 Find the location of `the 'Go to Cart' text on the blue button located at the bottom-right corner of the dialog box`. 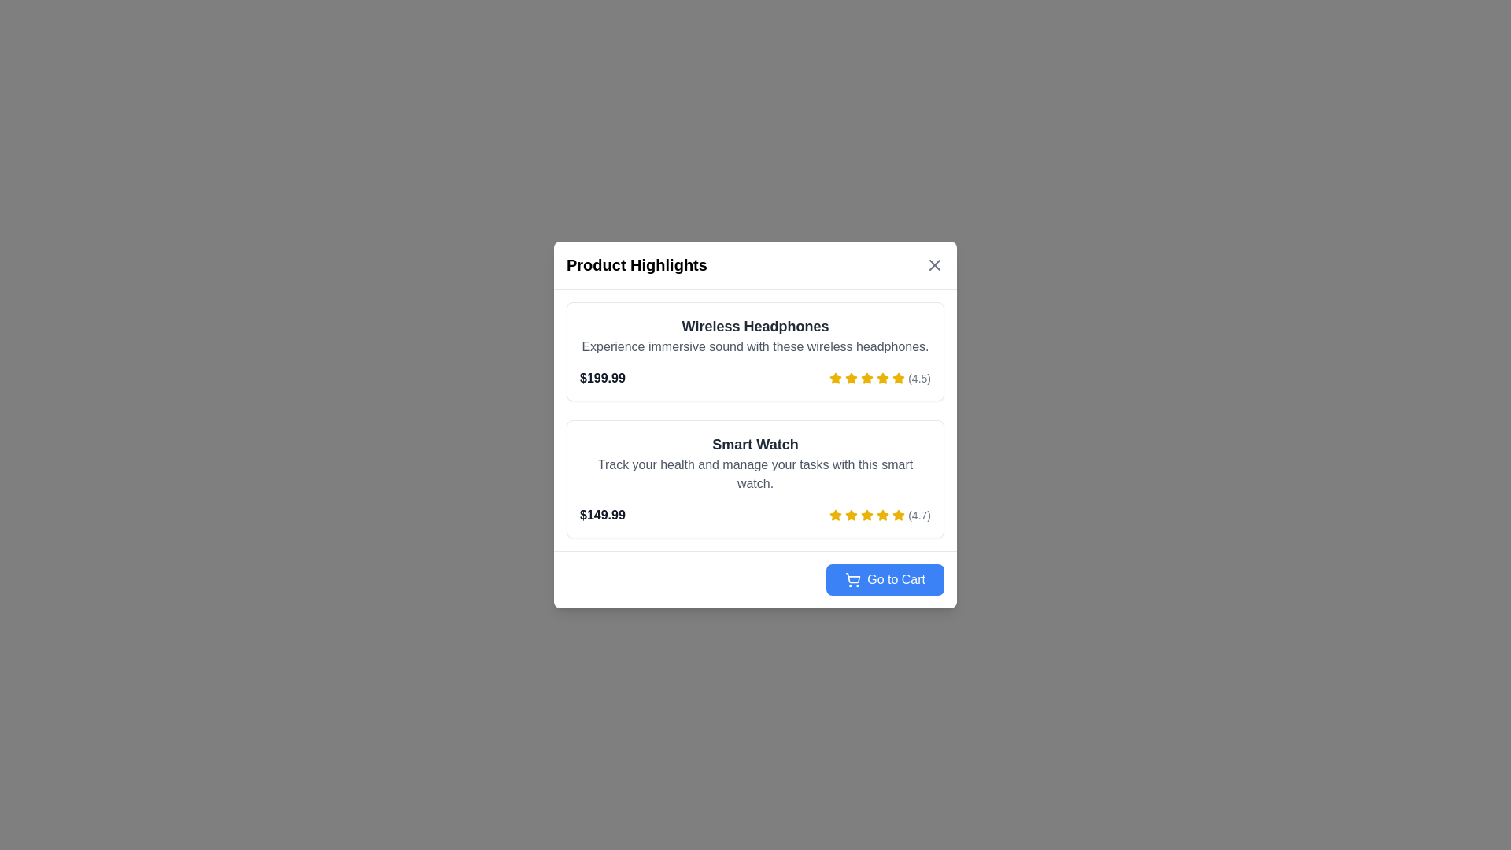

the 'Go to Cart' text on the blue button located at the bottom-right corner of the dialog box is located at coordinates (896, 579).